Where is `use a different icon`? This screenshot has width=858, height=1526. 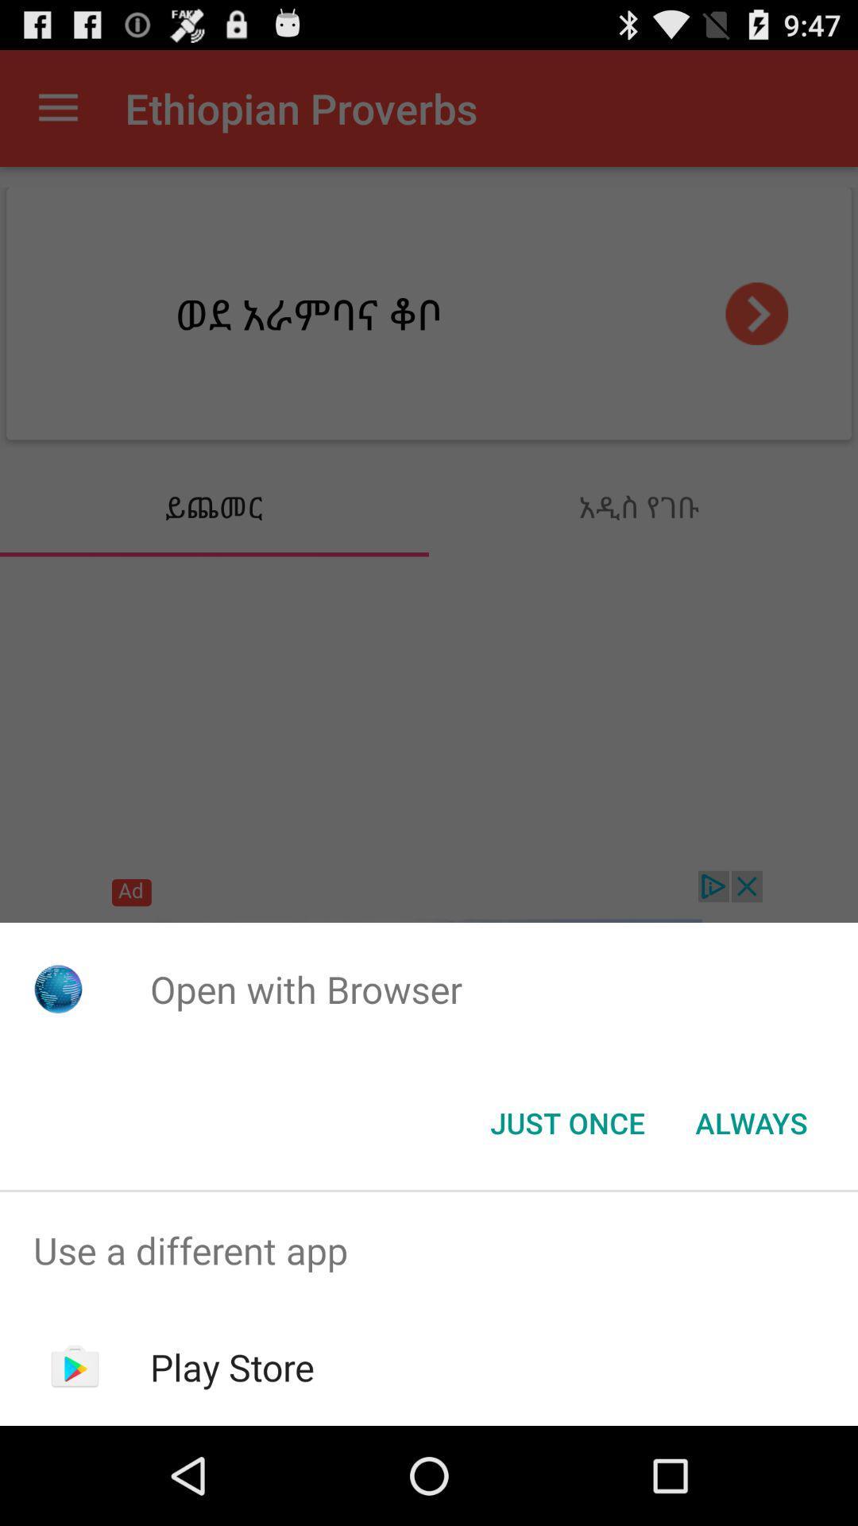 use a different icon is located at coordinates (429, 1249).